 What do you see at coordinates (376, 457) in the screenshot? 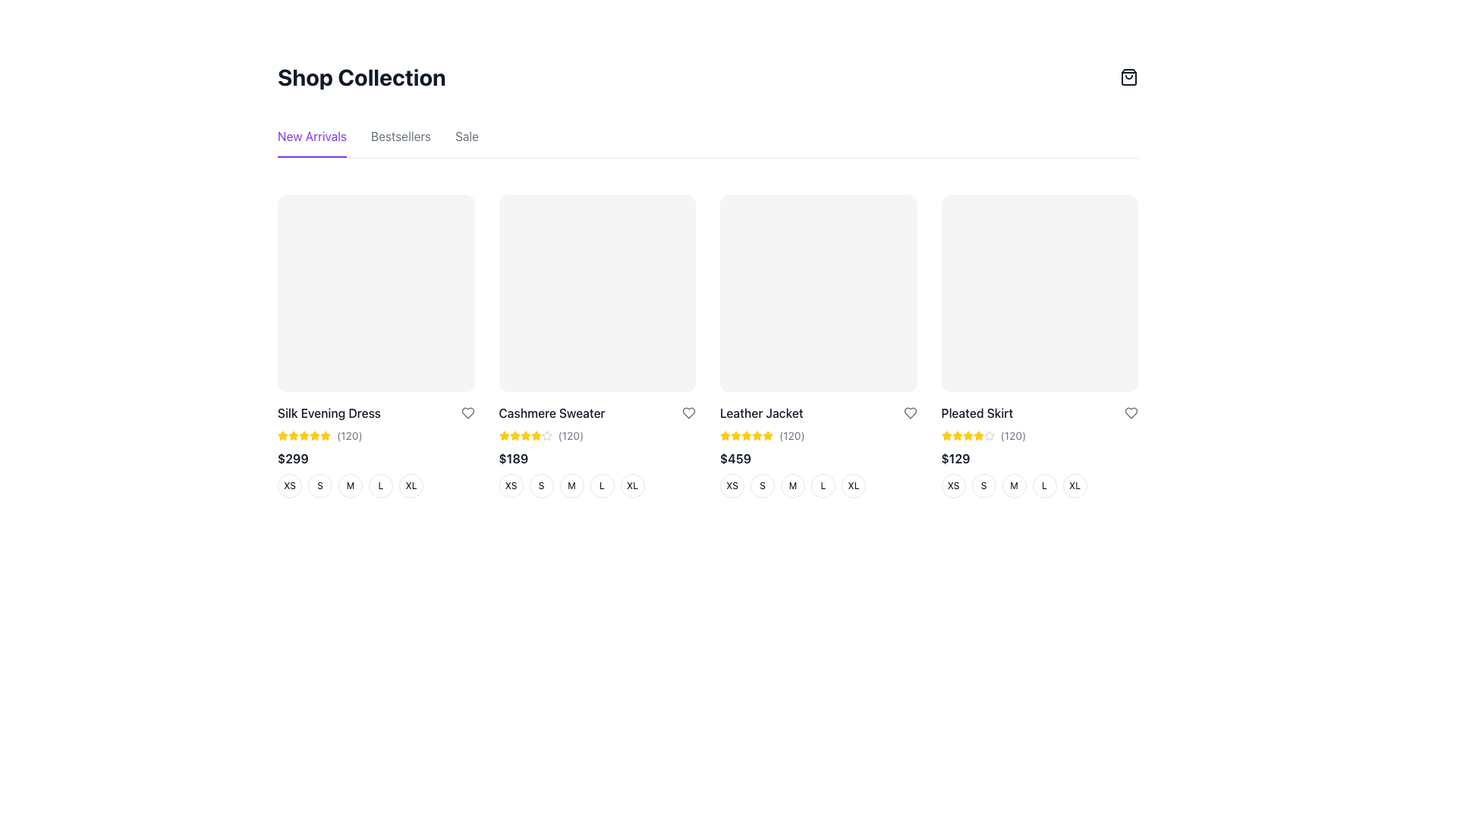
I see `price displayed as $299 in bold, dark-gray font, located below the 'Silk Evening Dress' title and user rating in the product description section` at bounding box center [376, 457].